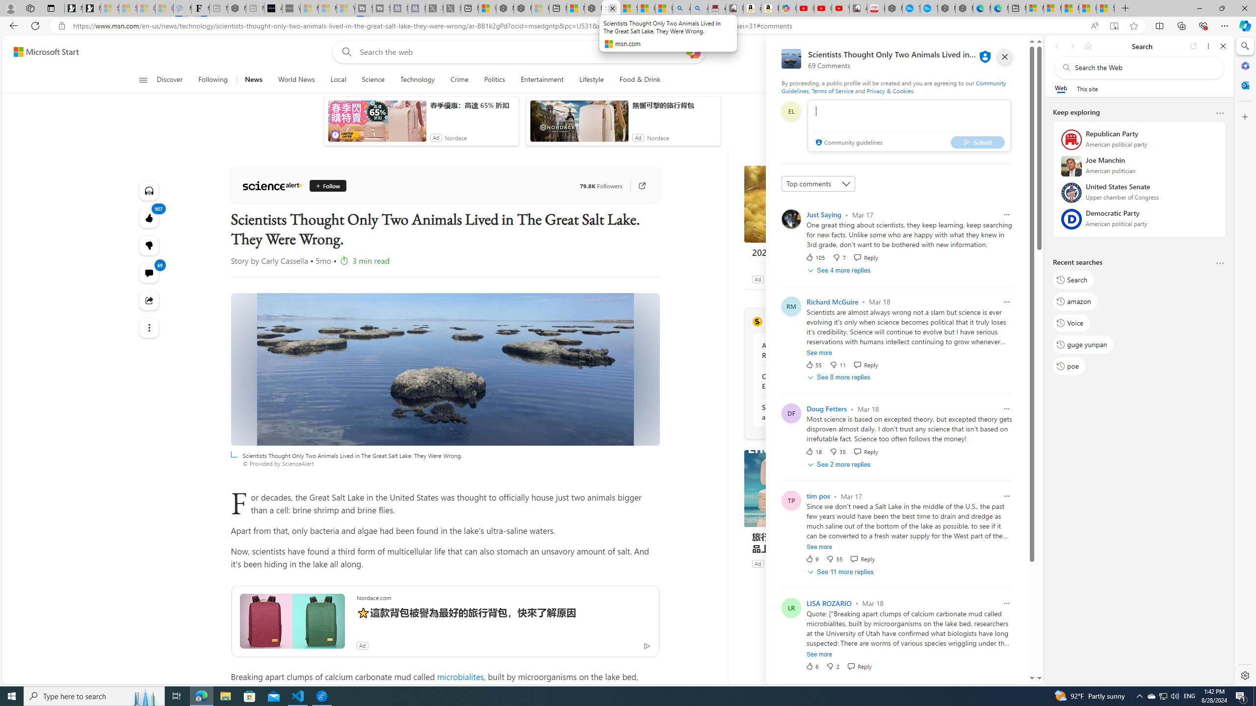 This screenshot has height=706, width=1256. Describe the element at coordinates (814, 257) in the screenshot. I see `'105 Like'` at that location.